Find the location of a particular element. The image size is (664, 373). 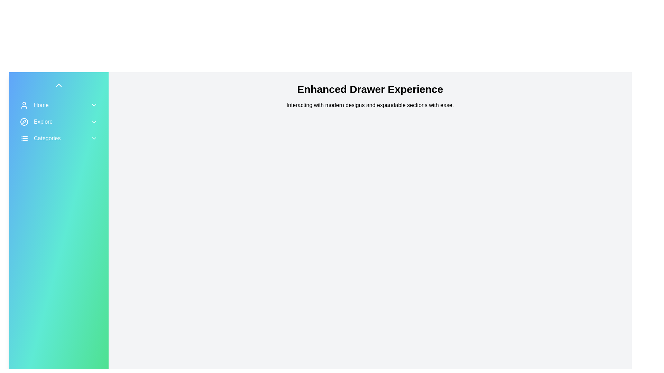

the 'Categories' menu toggle button to expand or collapse the menu is located at coordinates (94, 138).